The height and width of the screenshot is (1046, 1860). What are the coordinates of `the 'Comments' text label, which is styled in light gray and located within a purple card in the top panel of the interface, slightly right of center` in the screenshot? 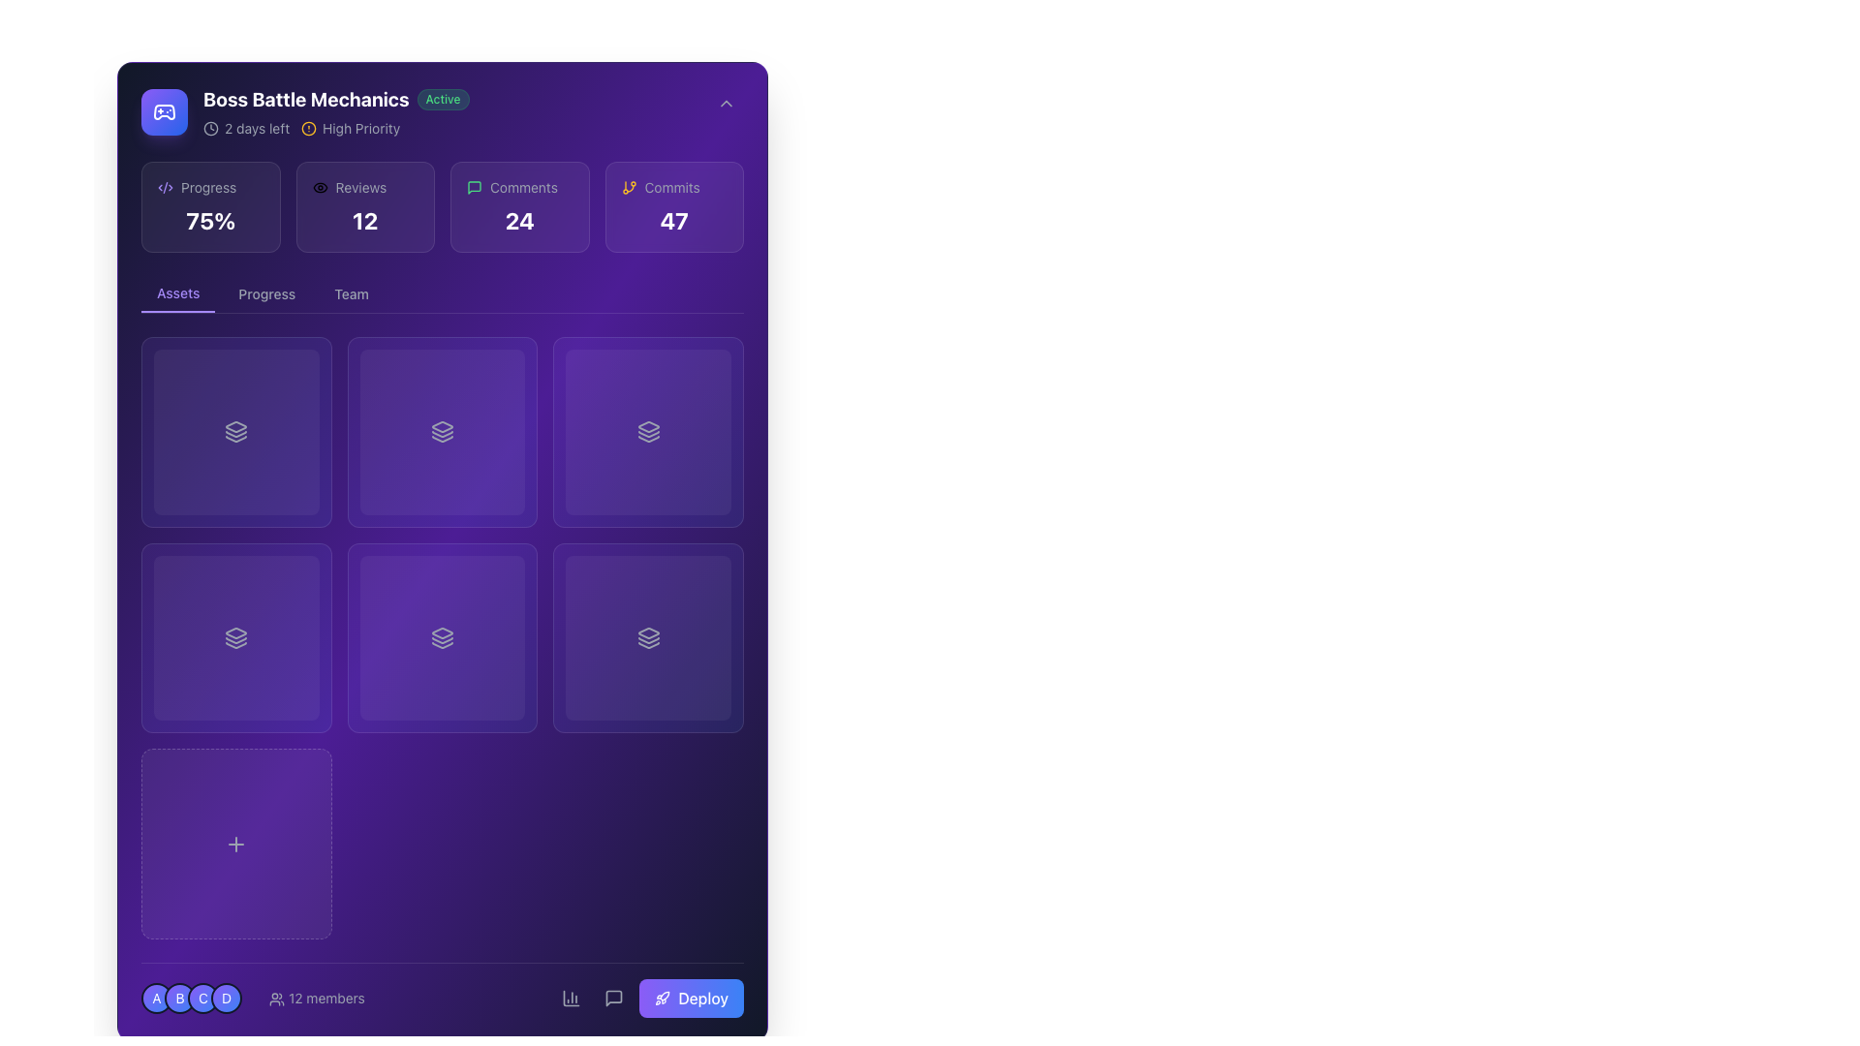 It's located at (523, 187).